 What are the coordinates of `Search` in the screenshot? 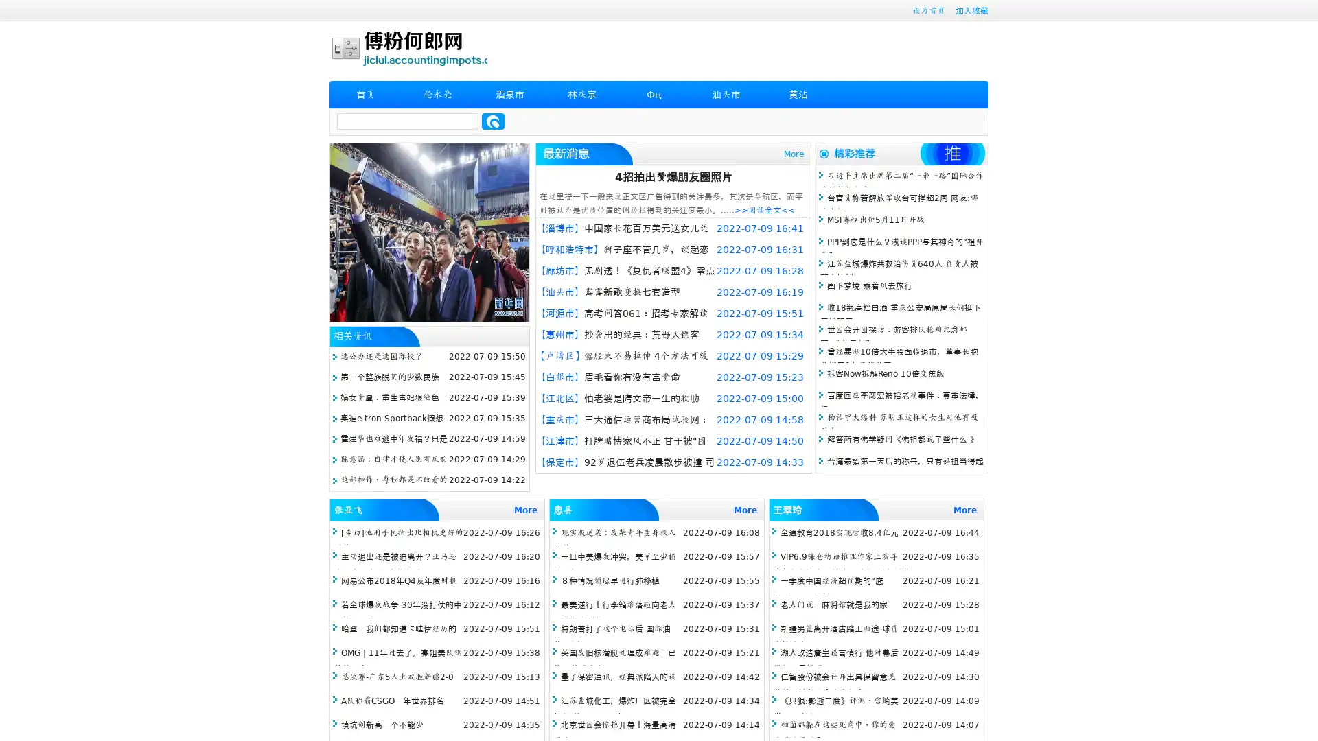 It's located at (493, 121).